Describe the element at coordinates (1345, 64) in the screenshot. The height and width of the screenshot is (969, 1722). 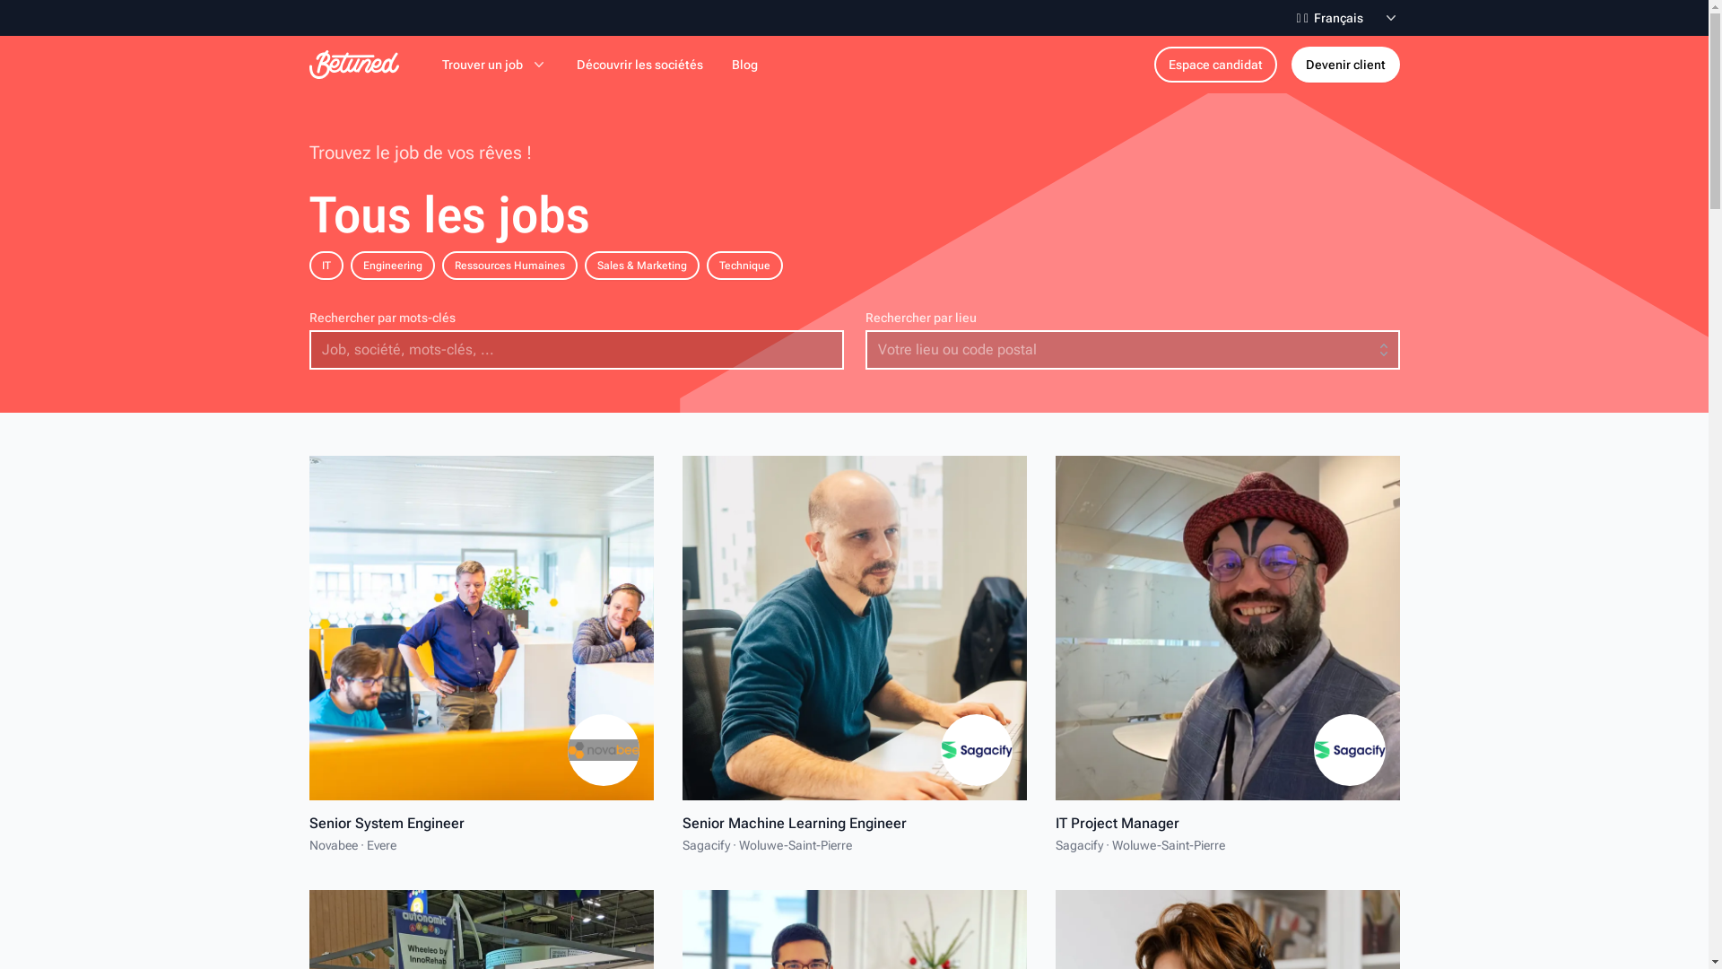
I see `'Devenir client'` at that location.